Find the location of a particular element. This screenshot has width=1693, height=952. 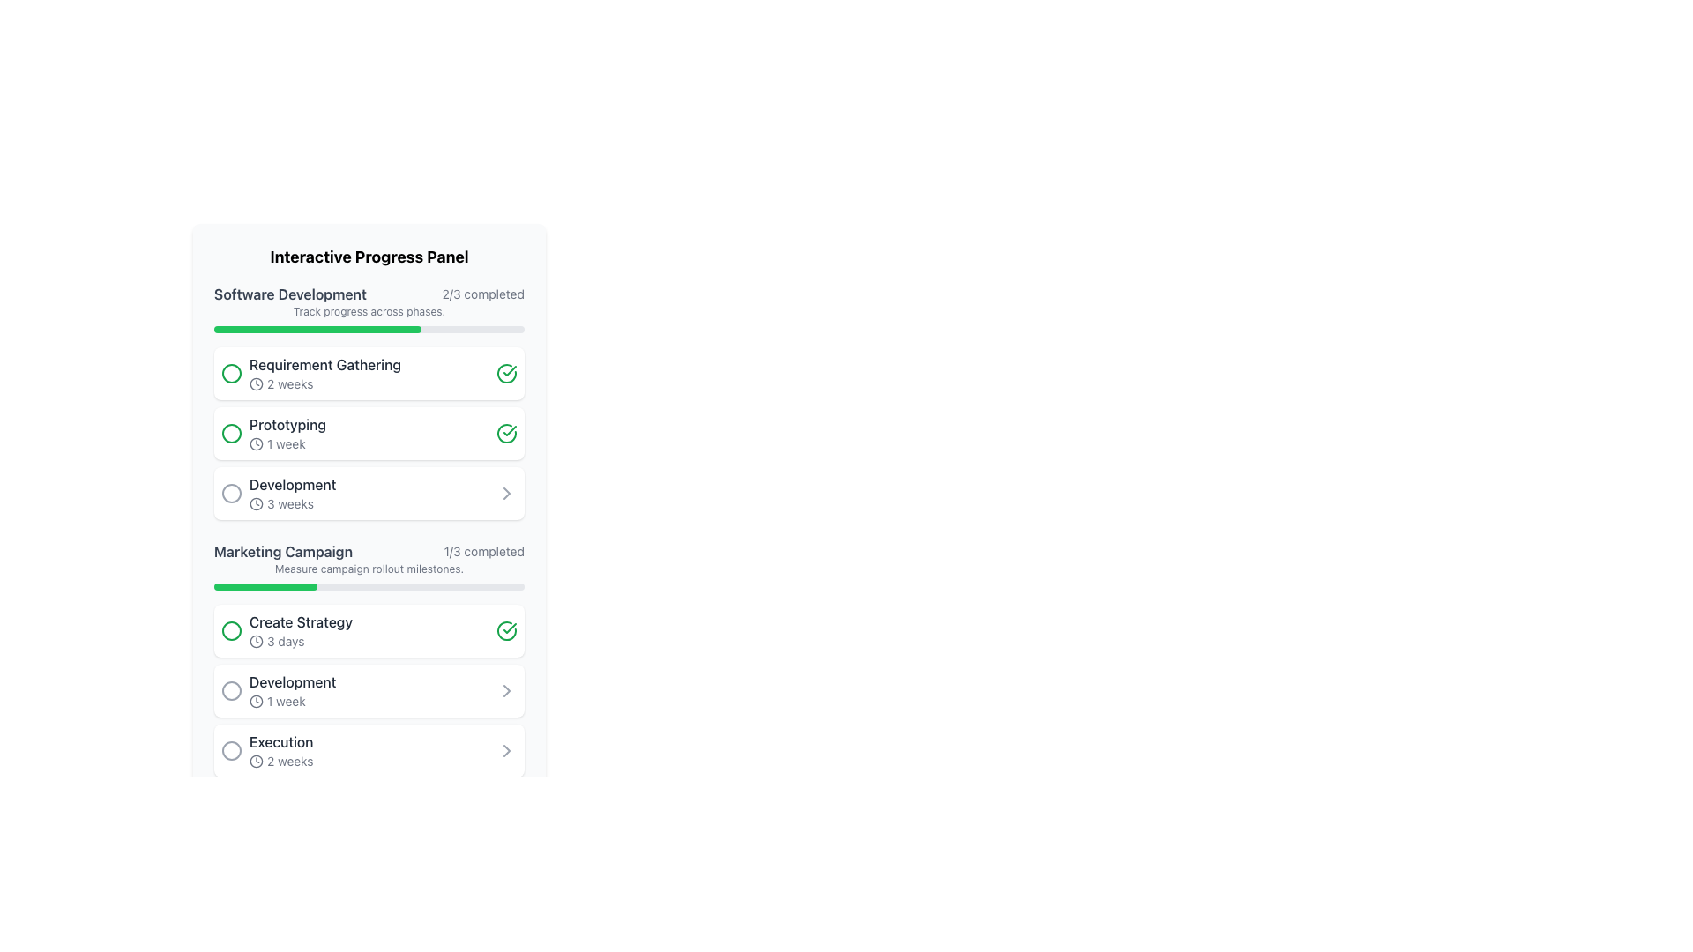

the SVG Circle element within the 'Development' entry of the 'Marketing Campaign' section is located at coordinates (231, 689).